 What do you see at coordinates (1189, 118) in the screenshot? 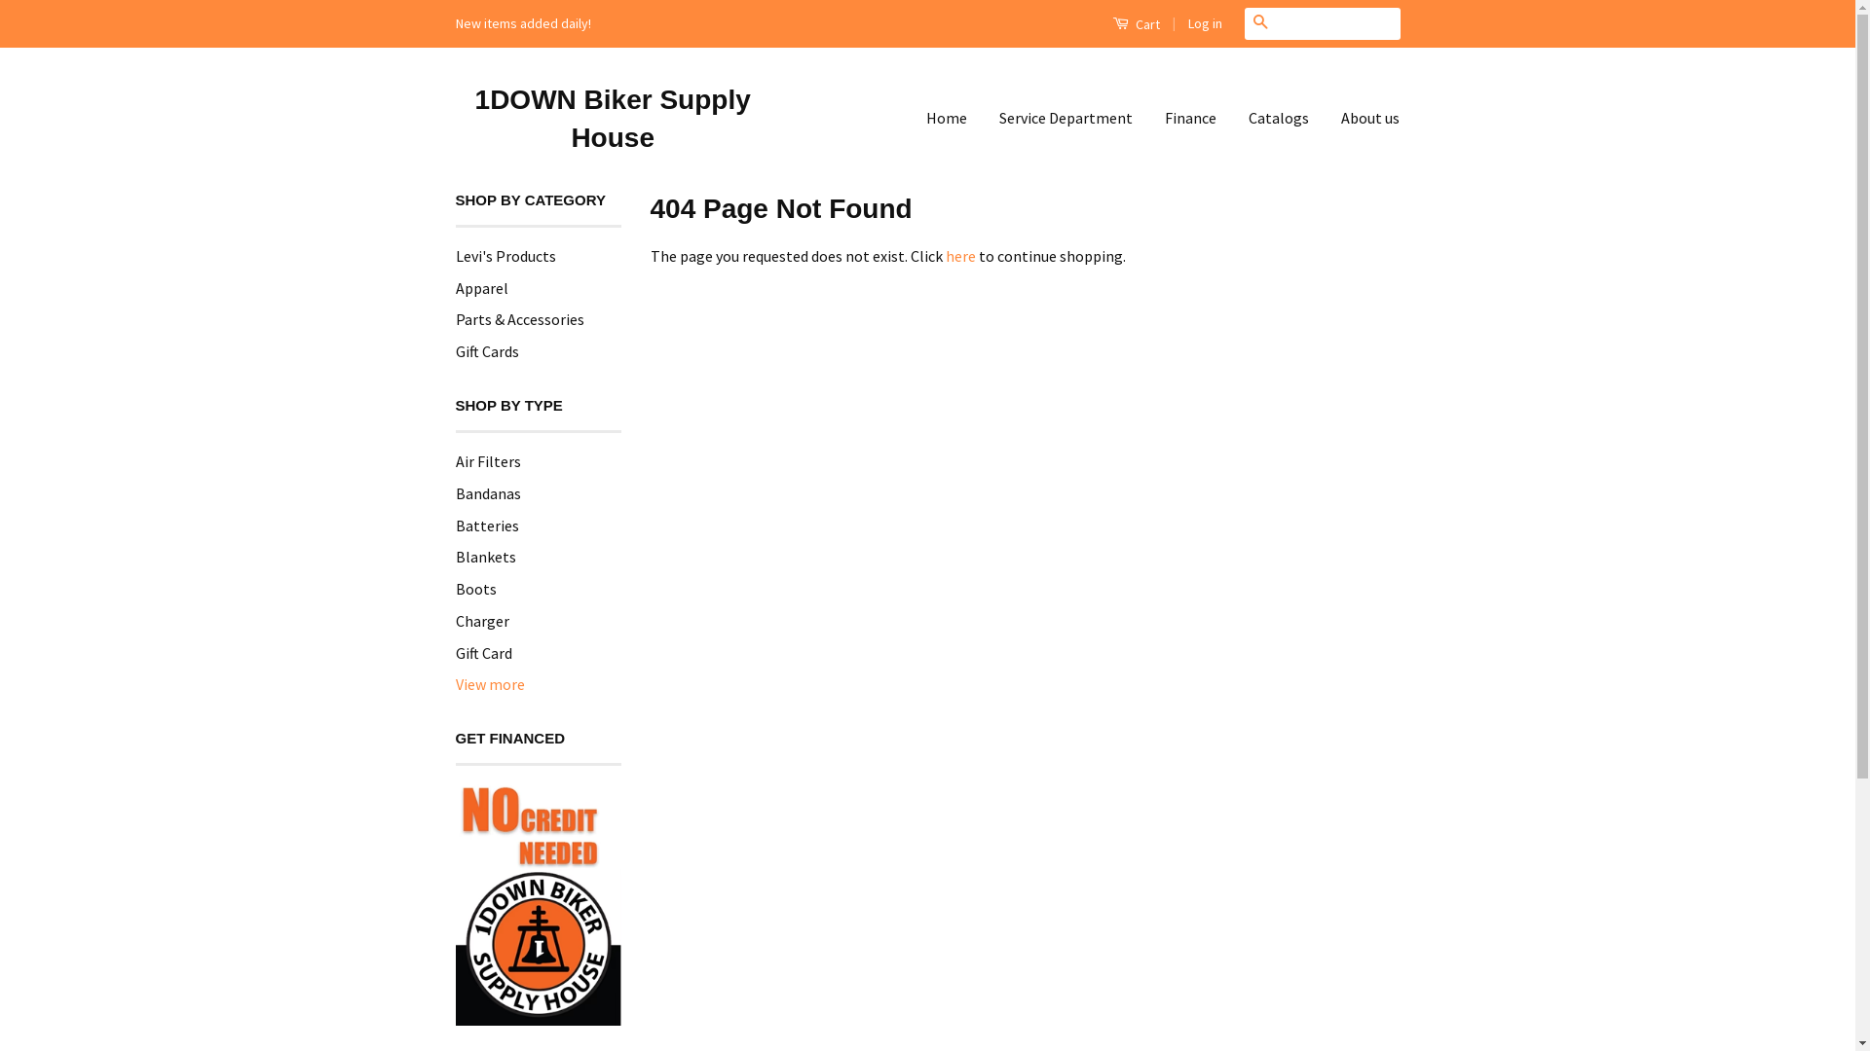
I see `'Finance'` at bounding box center [1189, 118].